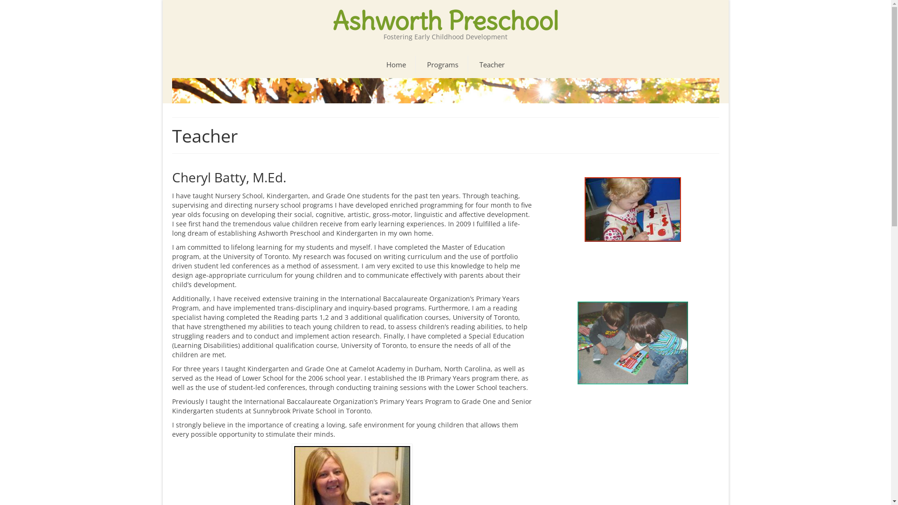 The height and width of the screenshot is (505, 898). Describe the element at coordinates (396, 64) in the screenshot. I see `'Home'` at that location.